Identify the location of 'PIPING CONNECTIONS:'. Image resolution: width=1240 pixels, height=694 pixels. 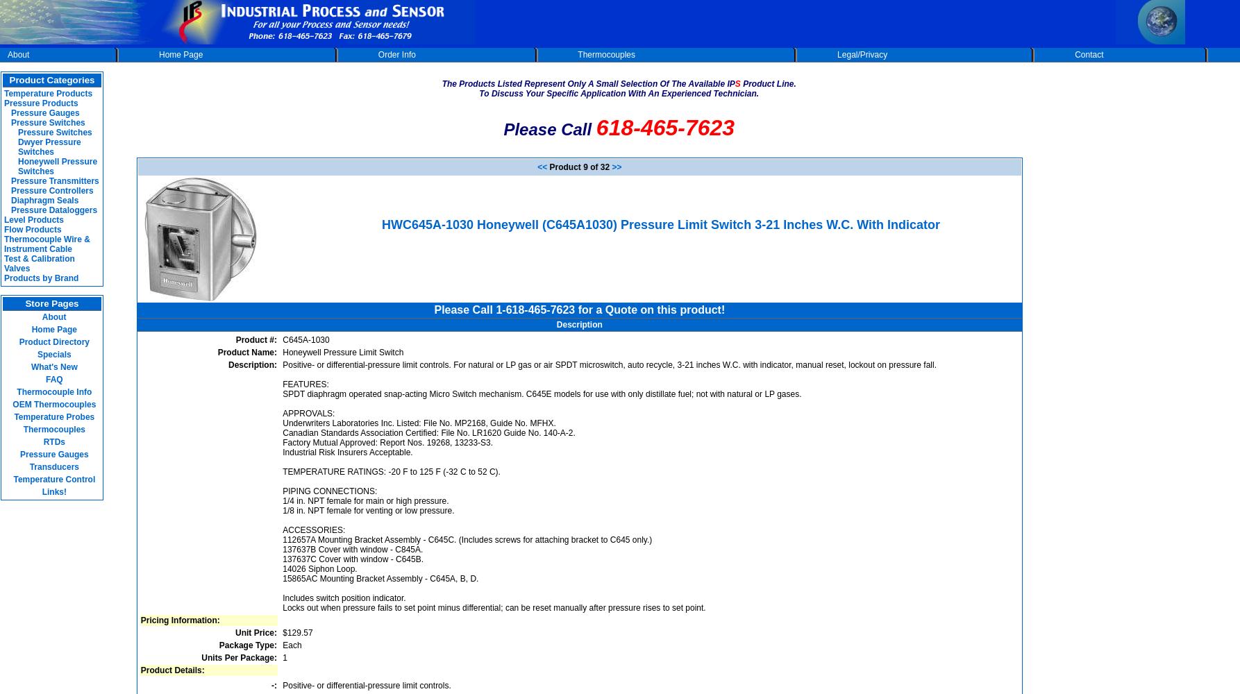
(283, 490).